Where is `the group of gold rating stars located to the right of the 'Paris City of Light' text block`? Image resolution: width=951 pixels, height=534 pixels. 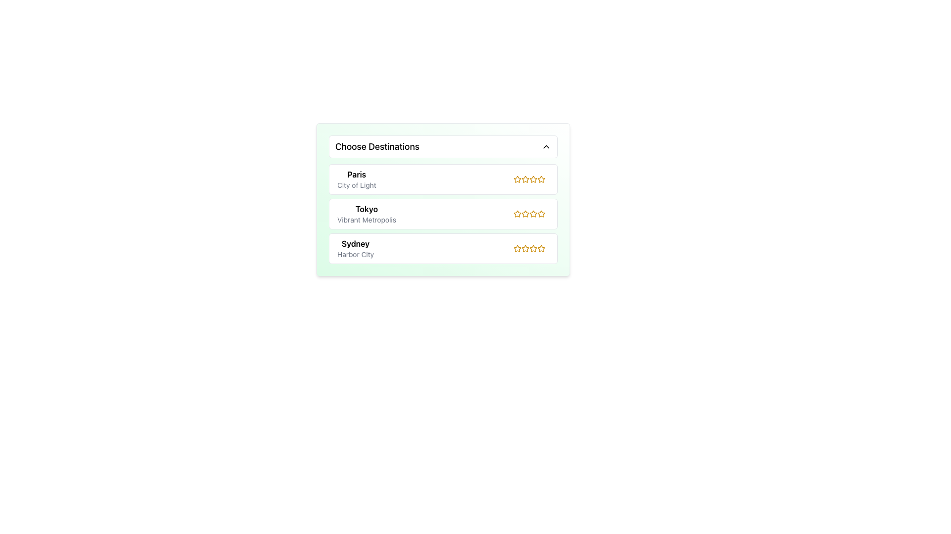 the group of gold rating stars located to the right of the 'Paris City of Light' text block is located at coordinates (531, 179).